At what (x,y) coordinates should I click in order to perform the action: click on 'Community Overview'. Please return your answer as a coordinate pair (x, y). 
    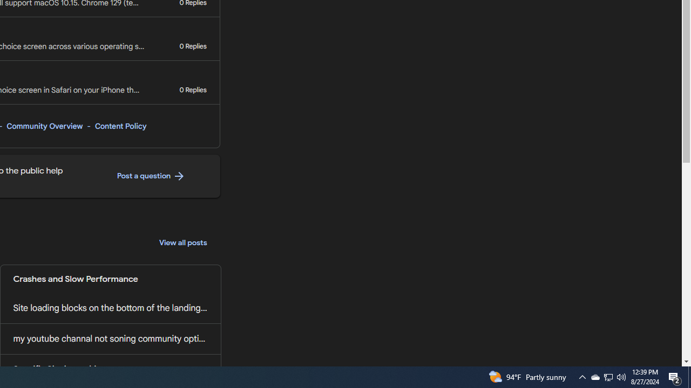
    Looking at the image, I should click on (44, 126).